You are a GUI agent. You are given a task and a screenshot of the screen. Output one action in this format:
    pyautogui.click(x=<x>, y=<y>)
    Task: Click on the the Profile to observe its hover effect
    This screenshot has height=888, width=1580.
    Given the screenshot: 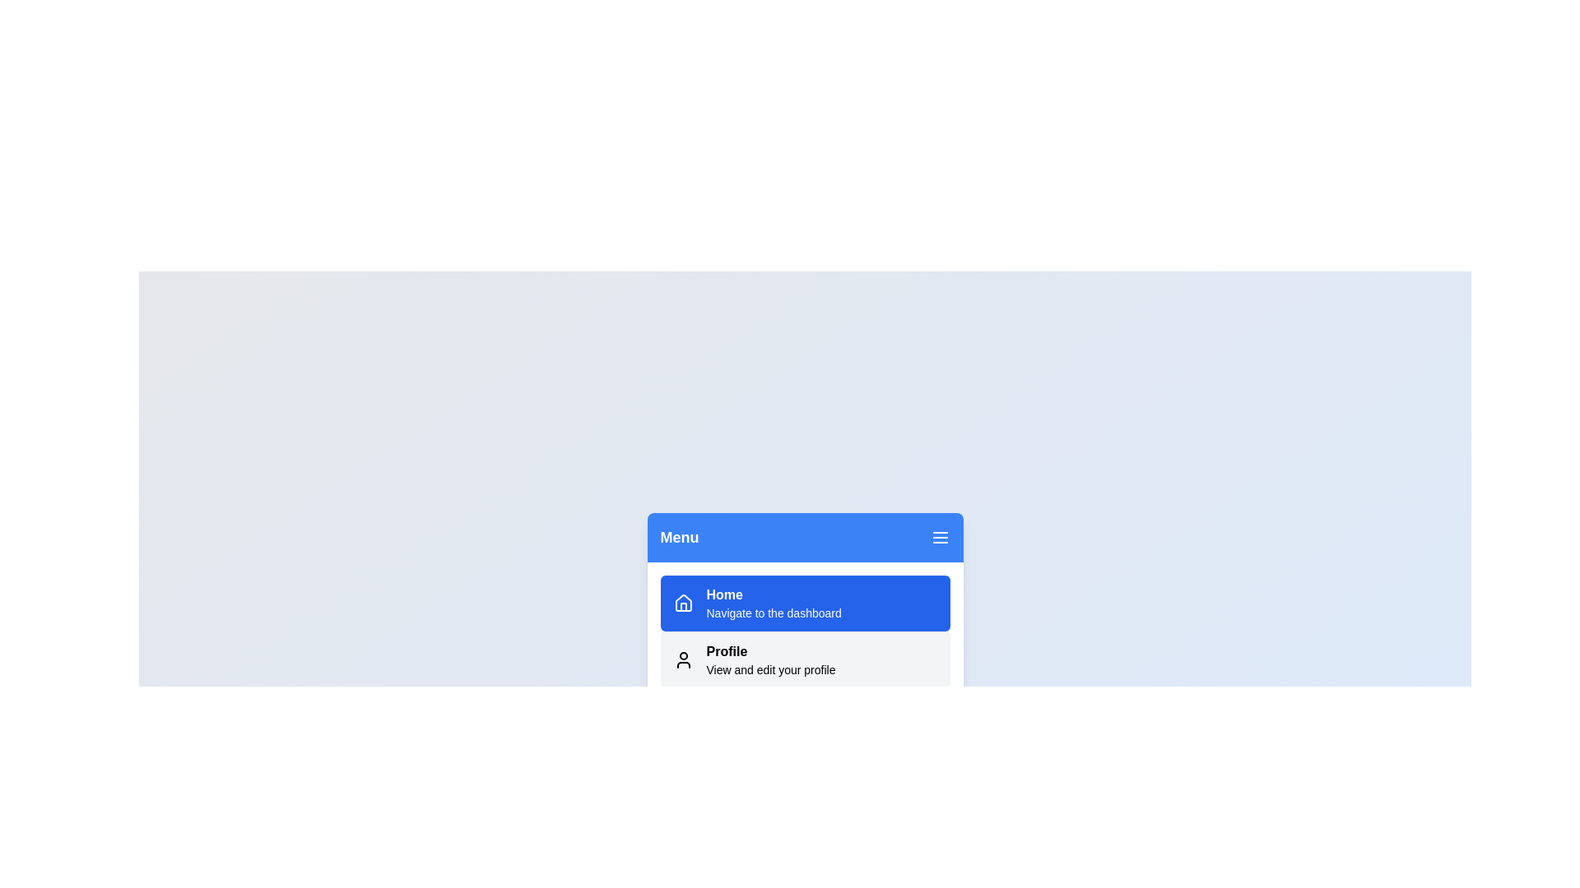 What is the action you would take?
    pyautogui.click(x=805, y=659)
    